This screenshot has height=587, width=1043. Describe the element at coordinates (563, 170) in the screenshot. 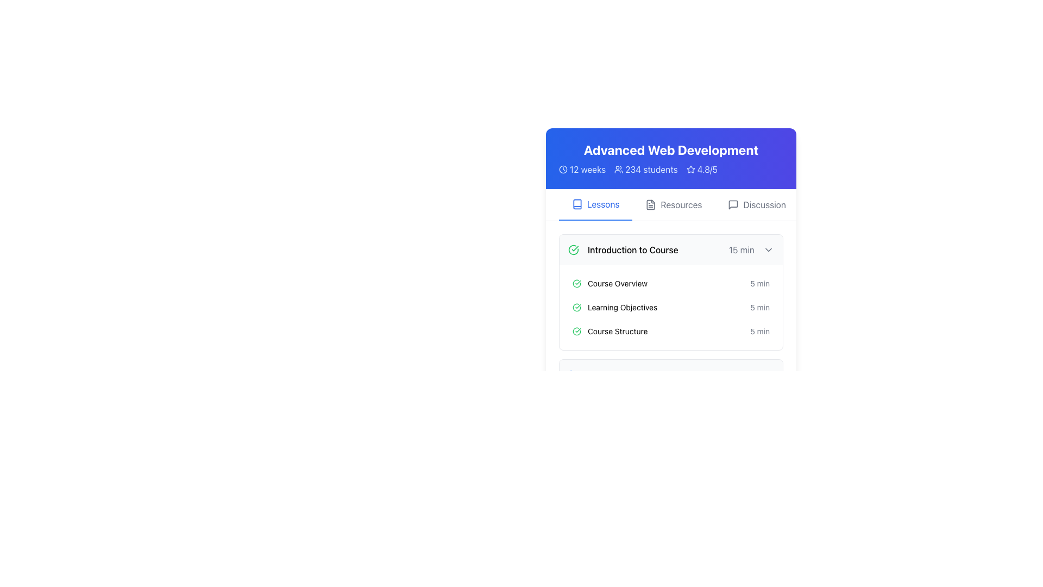

I see `the clock-shaped icon representing the duration of the course, located to the left of the text '12 weeks' in the course panel for 'Advanced Web Development'` at that location.